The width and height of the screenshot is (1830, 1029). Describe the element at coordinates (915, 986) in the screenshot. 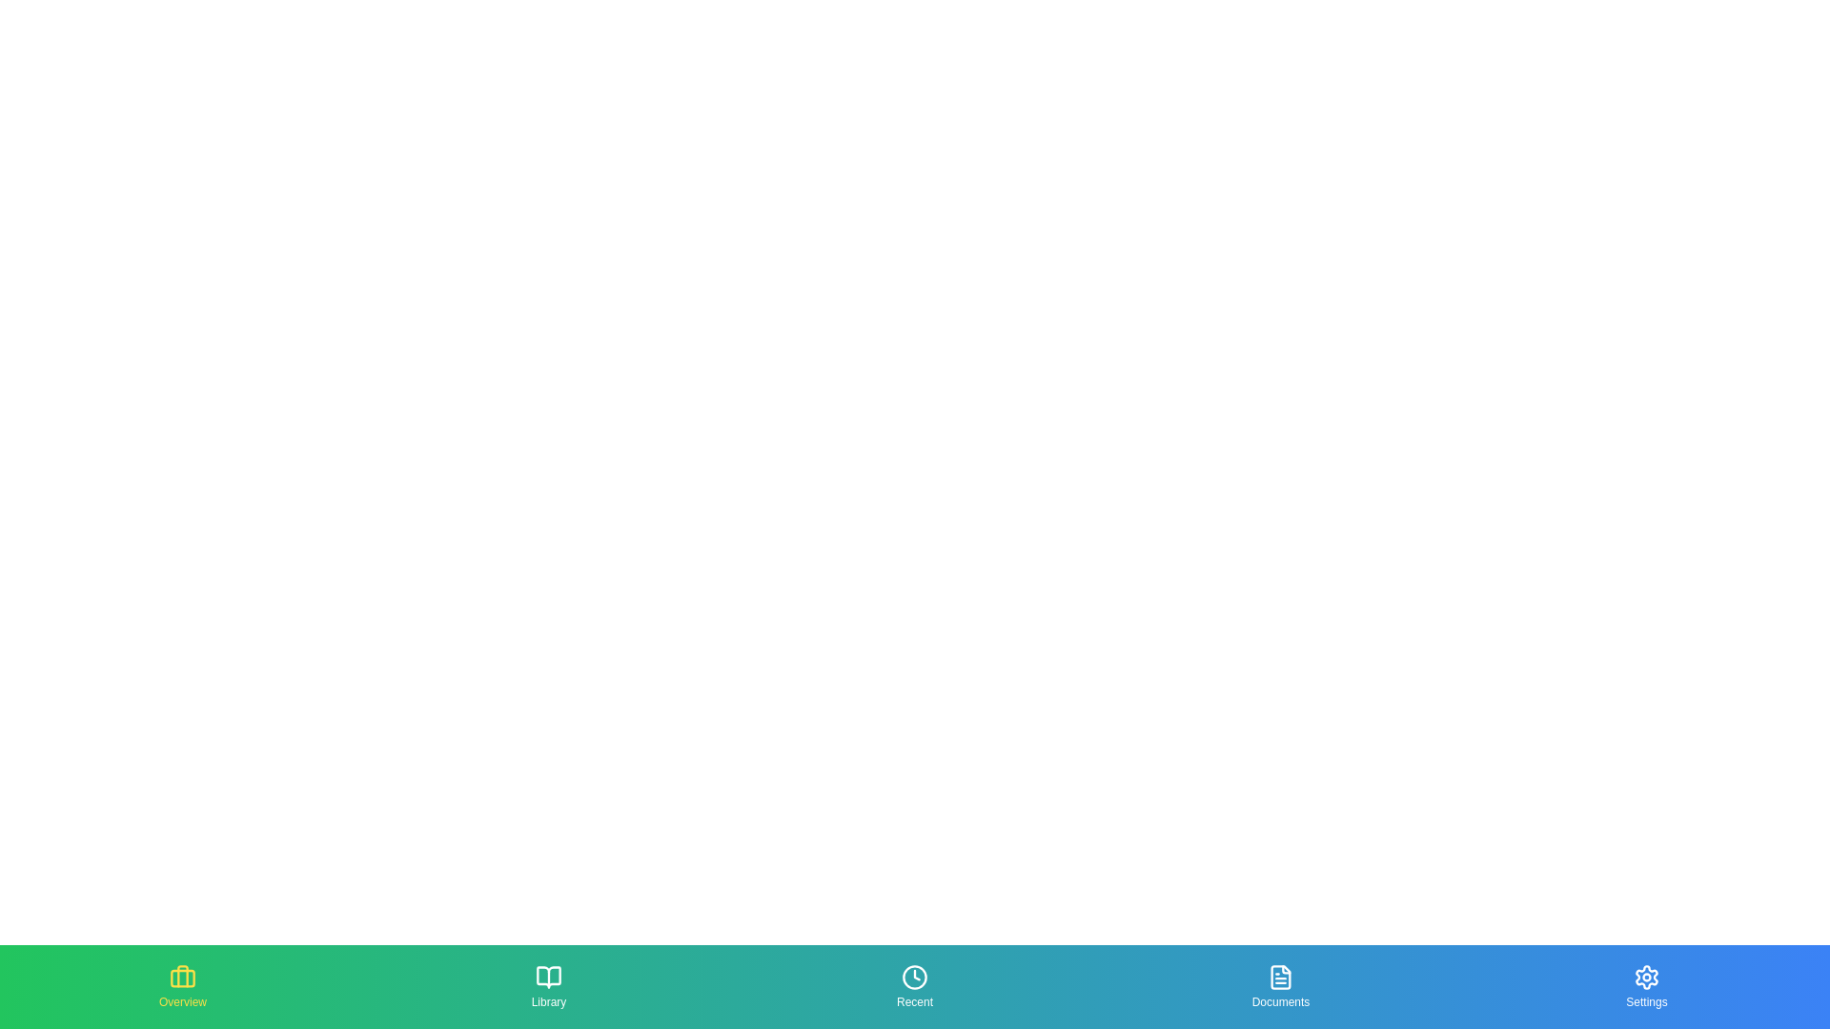

I see `the button corresponding to the Recent section` at that location.